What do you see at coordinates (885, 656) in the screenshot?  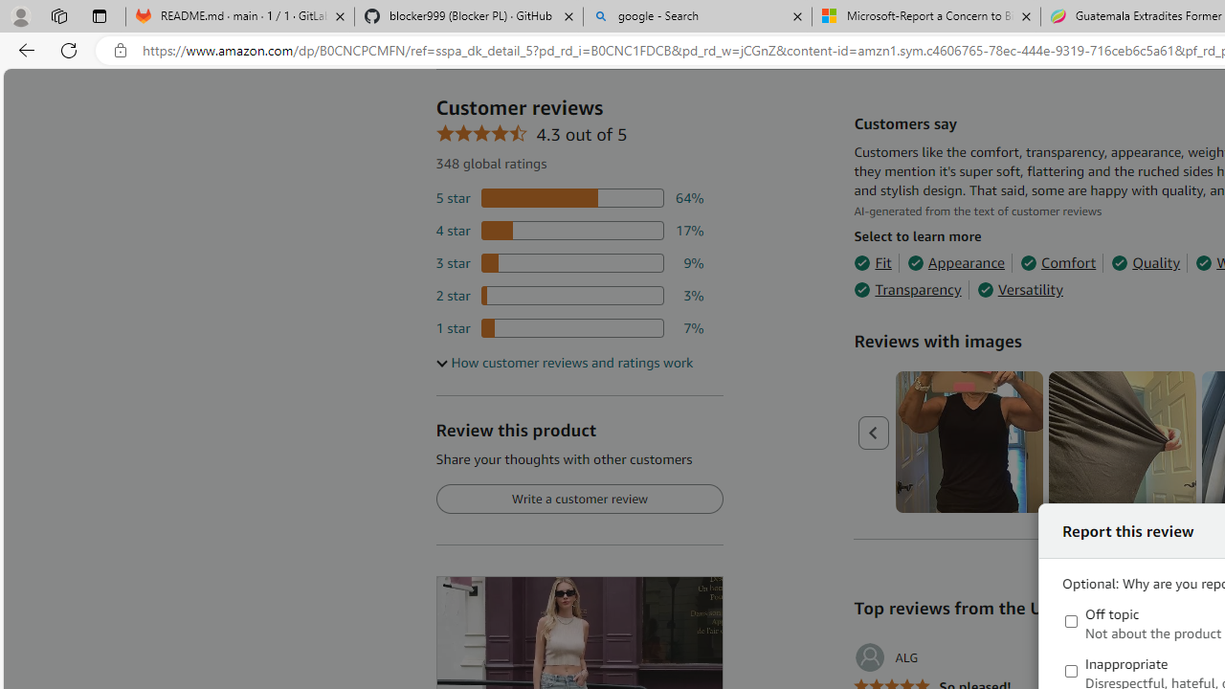 I see `'ALG'` at bounding box center [885, 656].